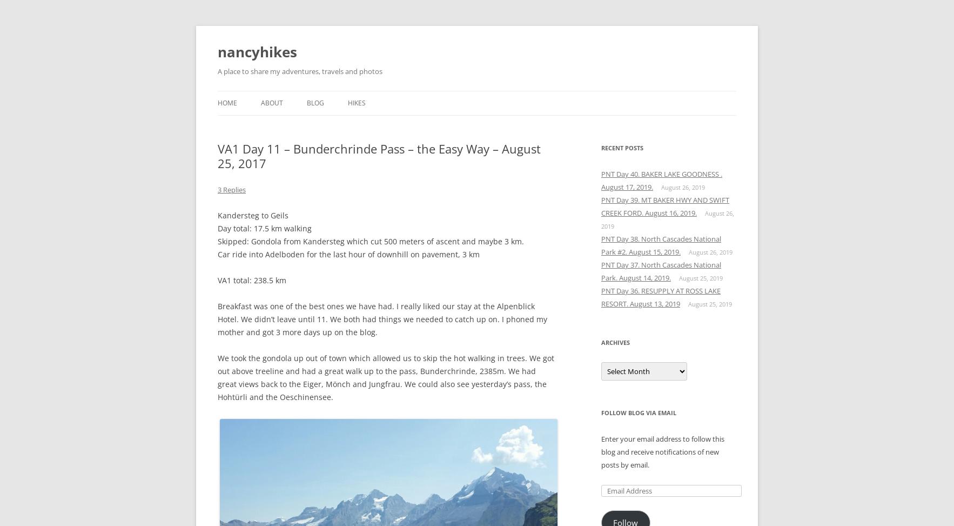  I want to click on 'Recent Posts', so click(621, 147).